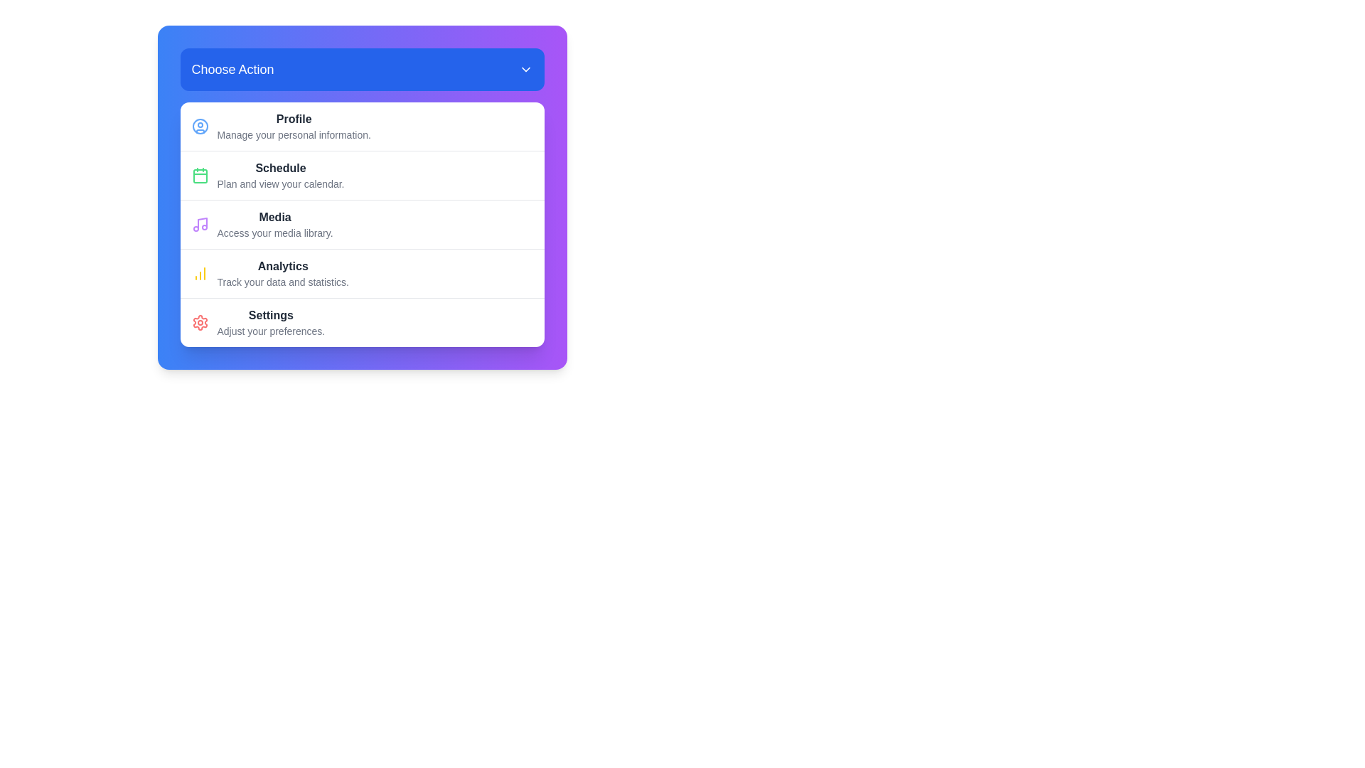  Describe the element at coordinates (199, 125) in the screenshot. I see `the 'Profile' icon located at the first position on the left in the 'Profile' section of the menu` at that location.